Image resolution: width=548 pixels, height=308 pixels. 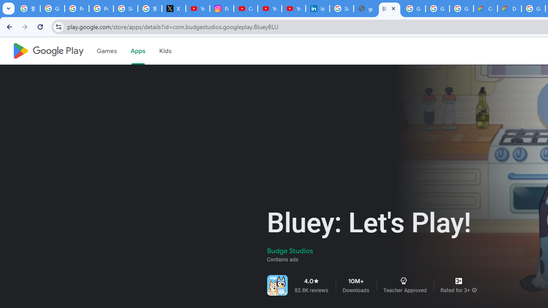 I want to click on 'X', so click(x=173, y=9).